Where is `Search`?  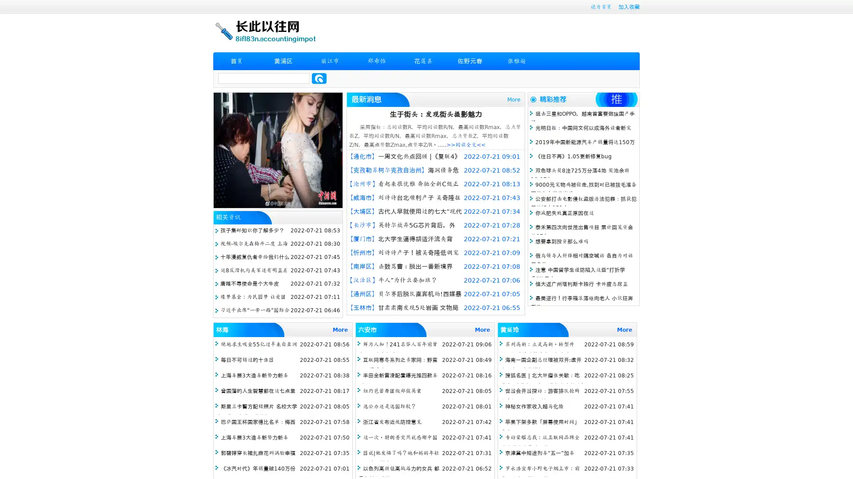
Search is located at coordinates (319, 78).